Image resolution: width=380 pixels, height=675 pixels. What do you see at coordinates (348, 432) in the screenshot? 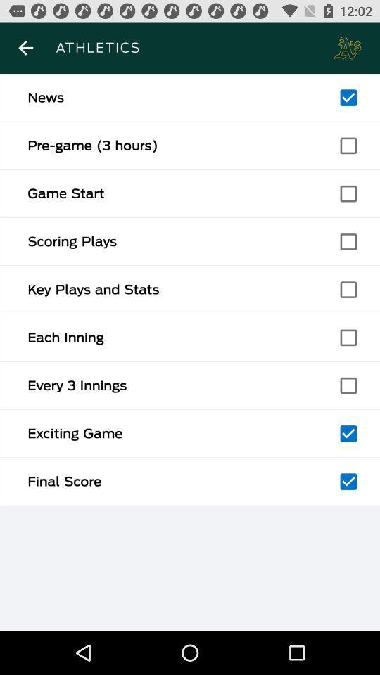
I see `any one` at bounding box center [348, 432].